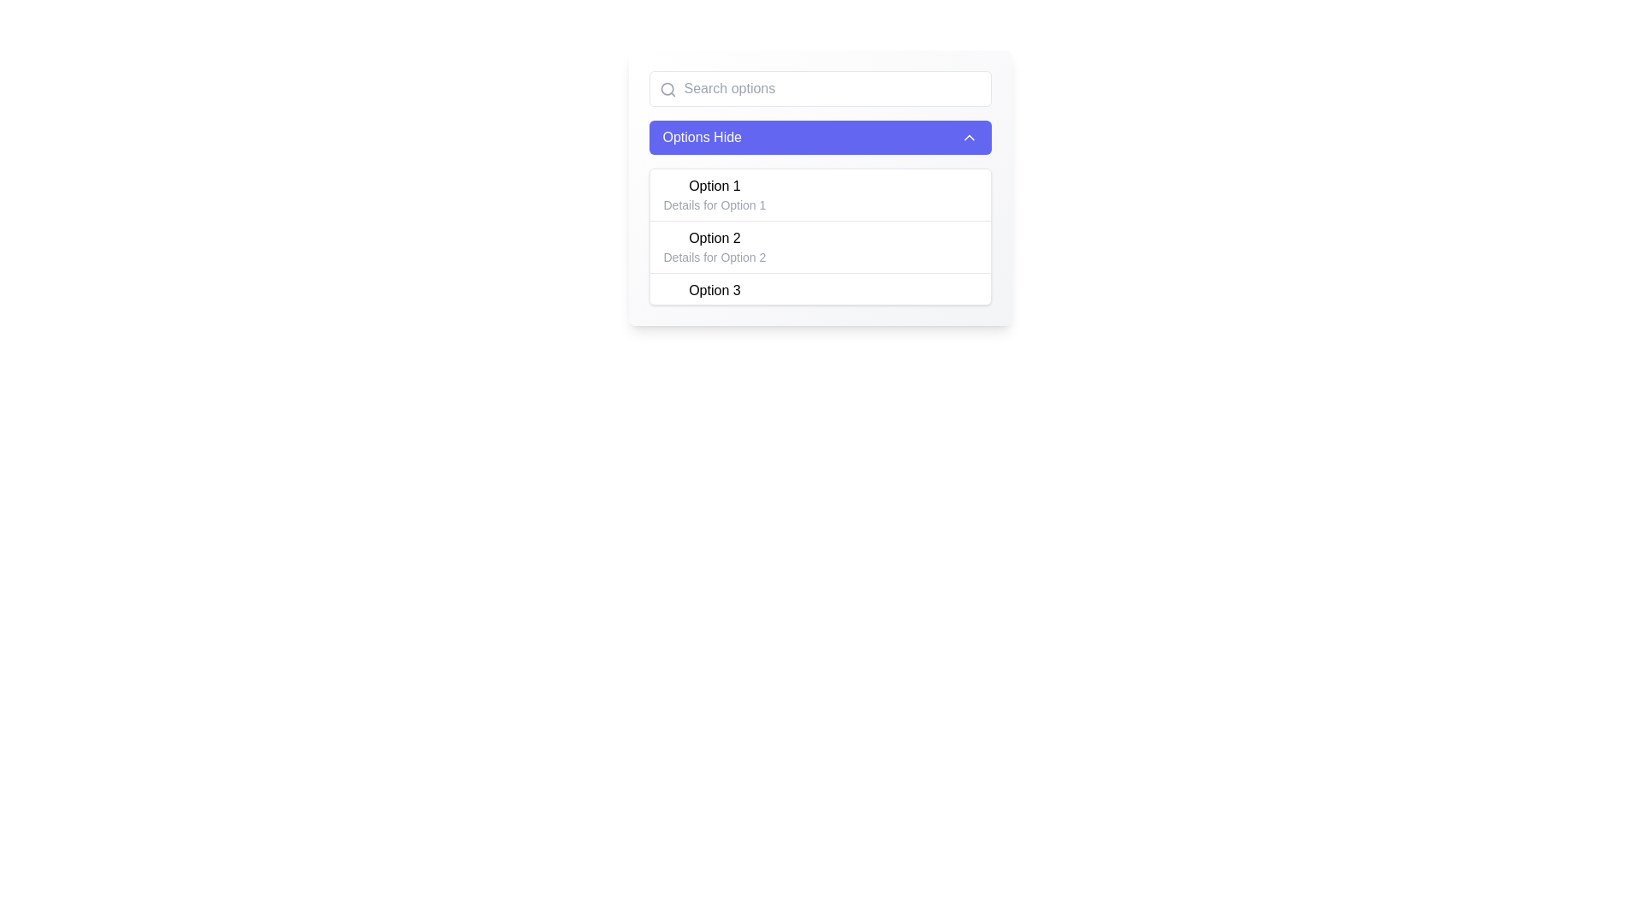 The width and height of the screenshot is (1643, 924). Describe the element at coordinates (715, 238) in the screenshot. I see `the text label for 'Option 2' in the dropdown interface, which serves as a title or primary identifier for this selectable option` at that location.